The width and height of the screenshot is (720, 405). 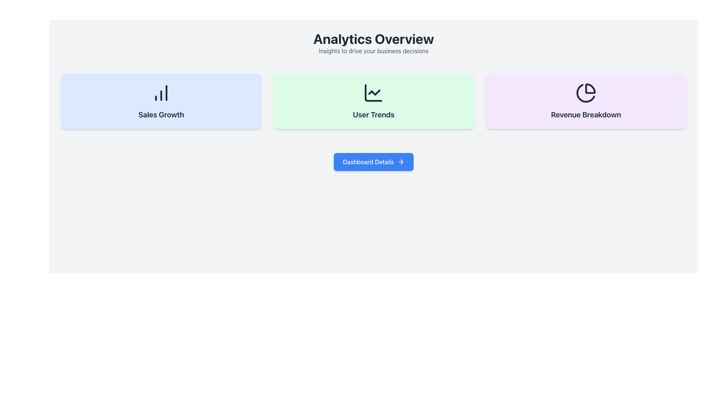 What do you see at coordinates (400, 162) in the screenshot?
I see `the rightward-pointing arrow icon located inside the blue button labeled 'Dashboard Details', which is centered below the cards titled 'Sales Growth', 'User Trends', and 'Revenue Breakdown'` at bounding box center [400, 162].